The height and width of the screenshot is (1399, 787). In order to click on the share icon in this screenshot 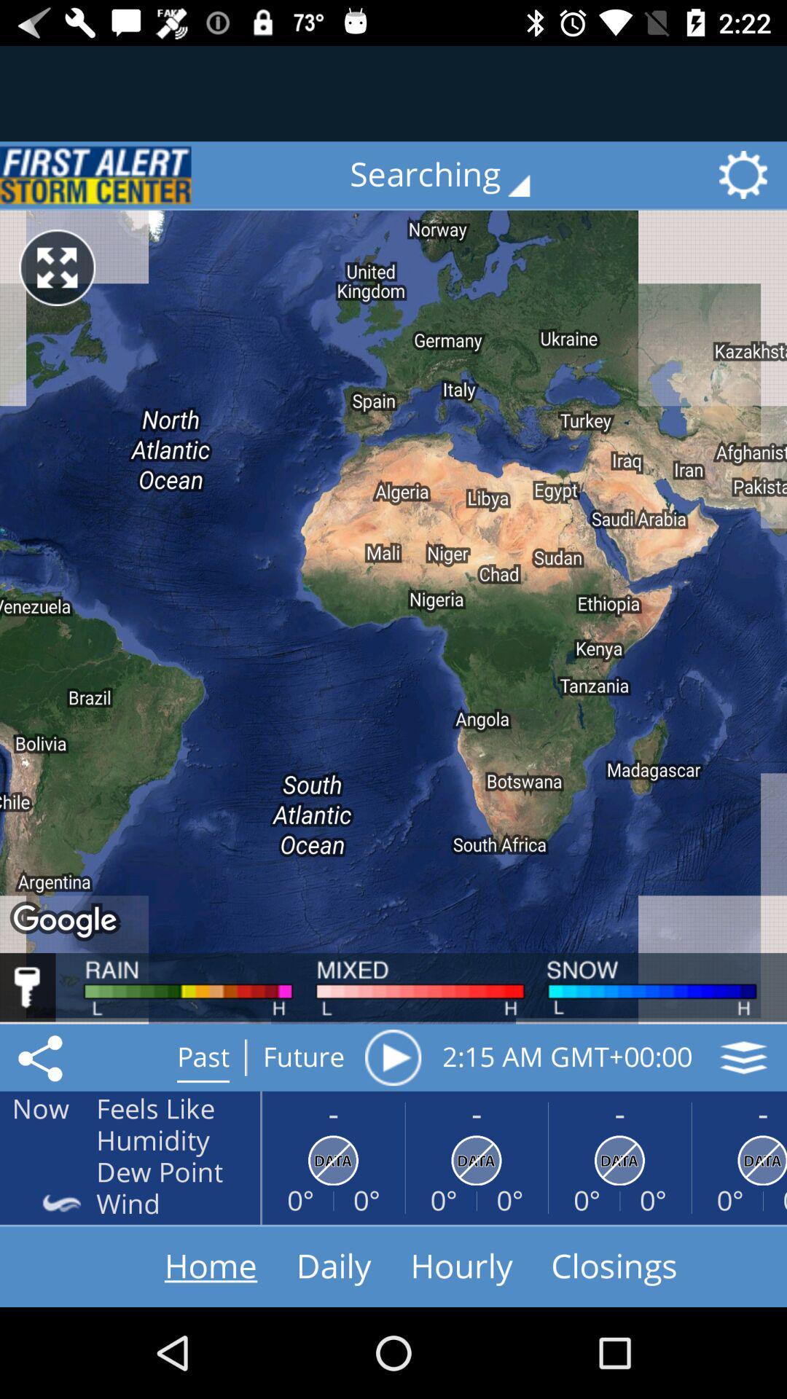, I will do `click(42, 1057)`.